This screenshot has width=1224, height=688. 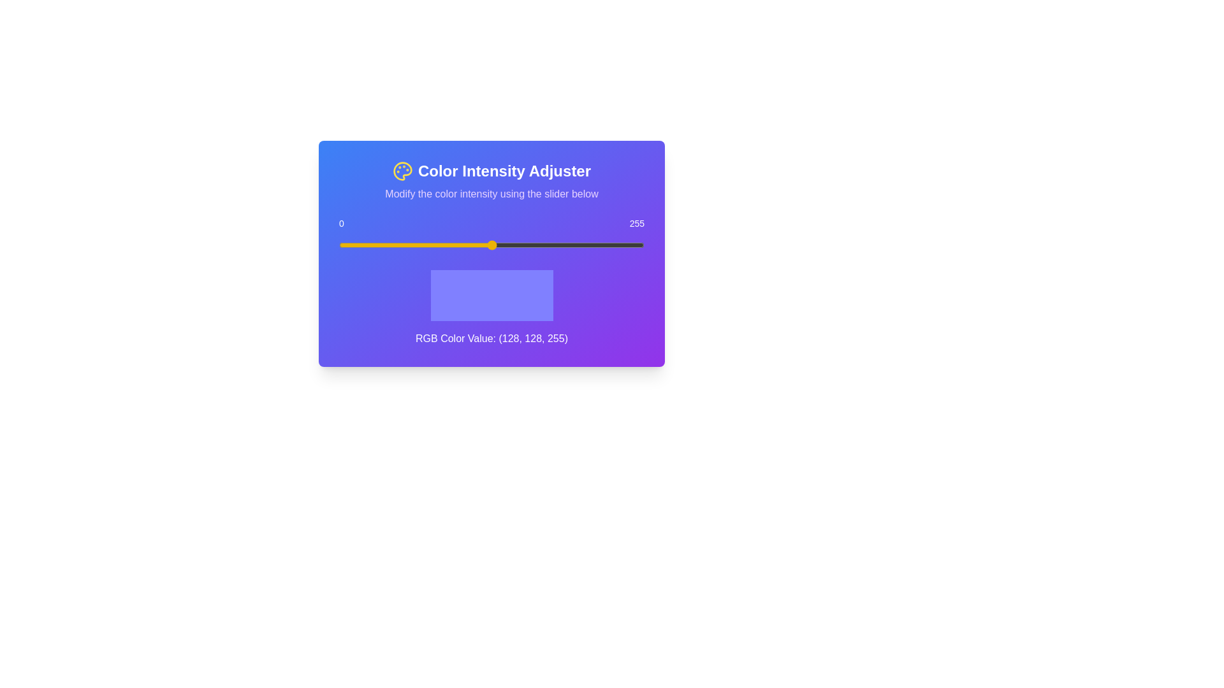 I want to click on the slider to observe visual feedback, so click(x=491, y=245).